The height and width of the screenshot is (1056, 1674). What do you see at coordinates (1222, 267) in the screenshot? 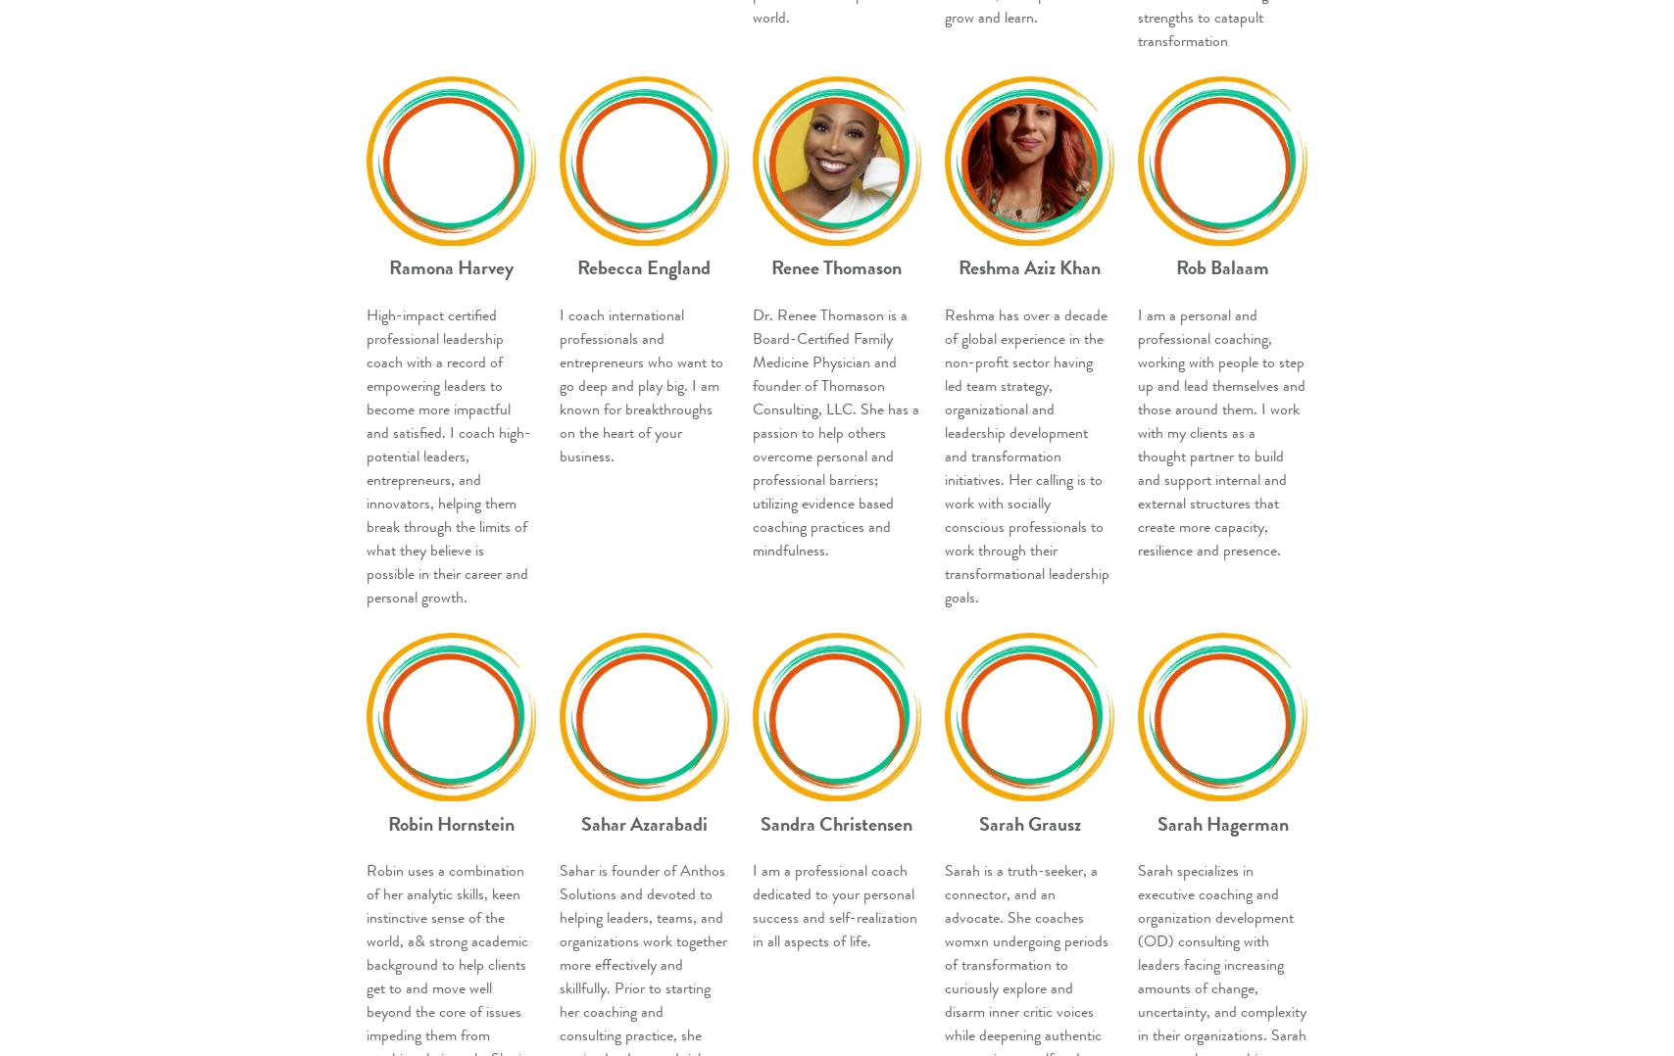
I see `'Rob Balaam'` at bounding box center [1222, 267].